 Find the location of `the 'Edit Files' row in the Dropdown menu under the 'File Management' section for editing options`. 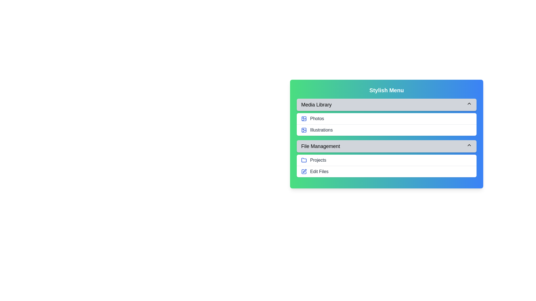

the 'Edit Files' row in the Dropdown menu under the 'File Management' section for editing options is located at coordinates (386, 159).